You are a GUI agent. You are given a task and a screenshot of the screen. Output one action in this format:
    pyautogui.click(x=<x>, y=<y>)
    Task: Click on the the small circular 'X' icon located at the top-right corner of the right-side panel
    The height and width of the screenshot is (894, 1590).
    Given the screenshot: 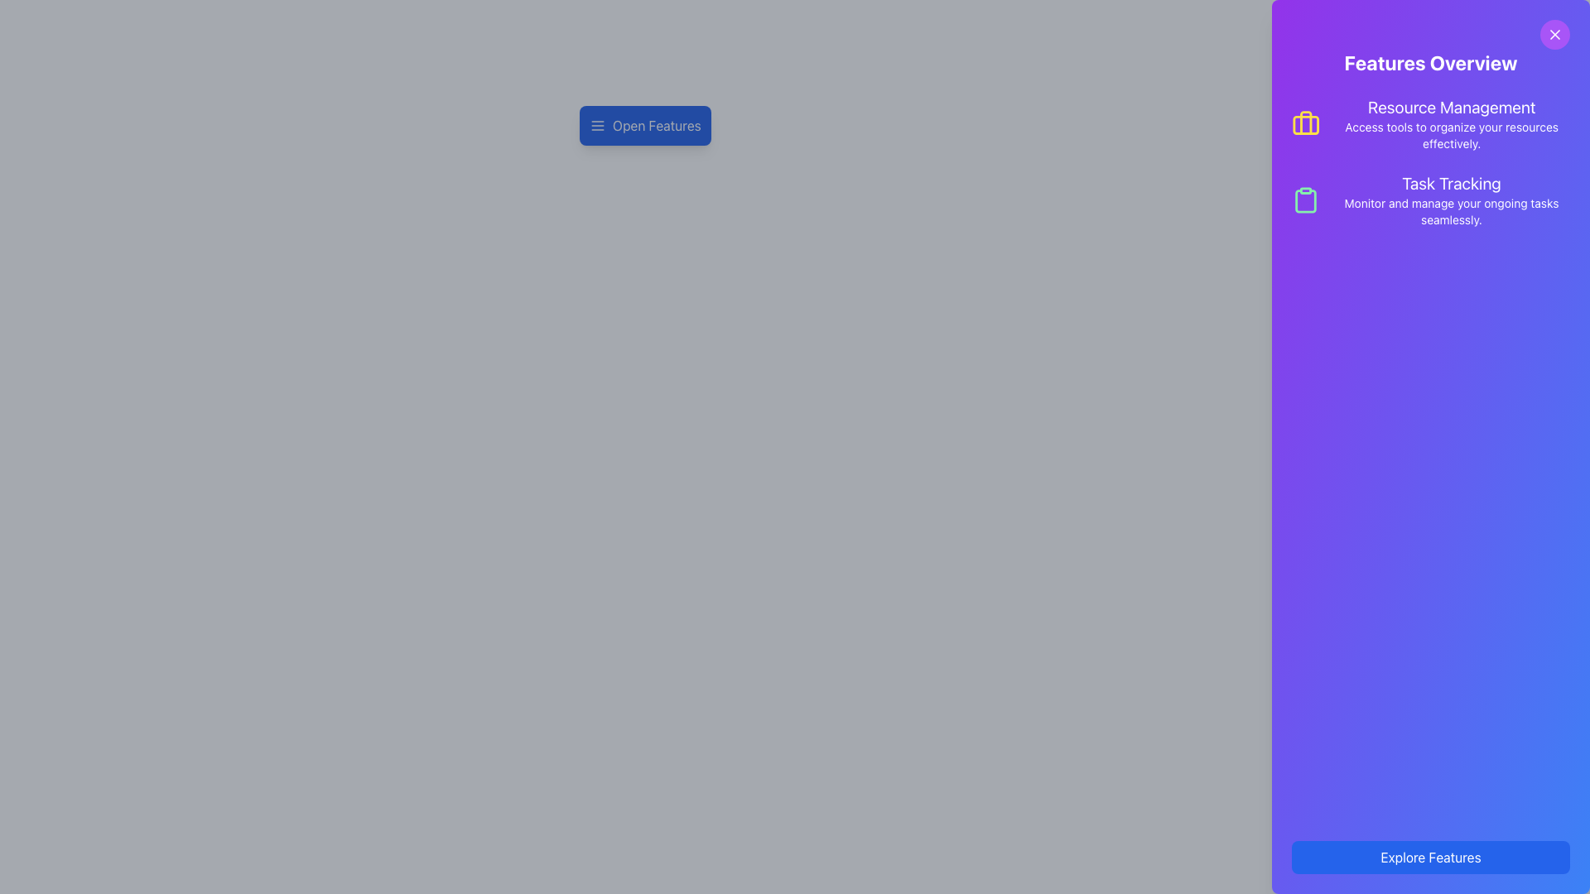 What is the action you would take?
    pyautogui.click(x=1554, y=35)
    